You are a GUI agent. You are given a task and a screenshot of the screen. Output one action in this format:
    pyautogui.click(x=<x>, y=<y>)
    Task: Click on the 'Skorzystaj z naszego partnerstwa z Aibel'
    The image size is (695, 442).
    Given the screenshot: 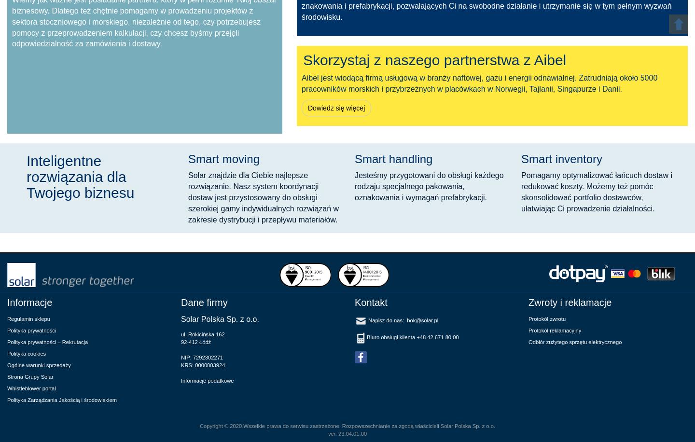 What is the action you would take?
    pyautogui.click(x=434, y=59)
    